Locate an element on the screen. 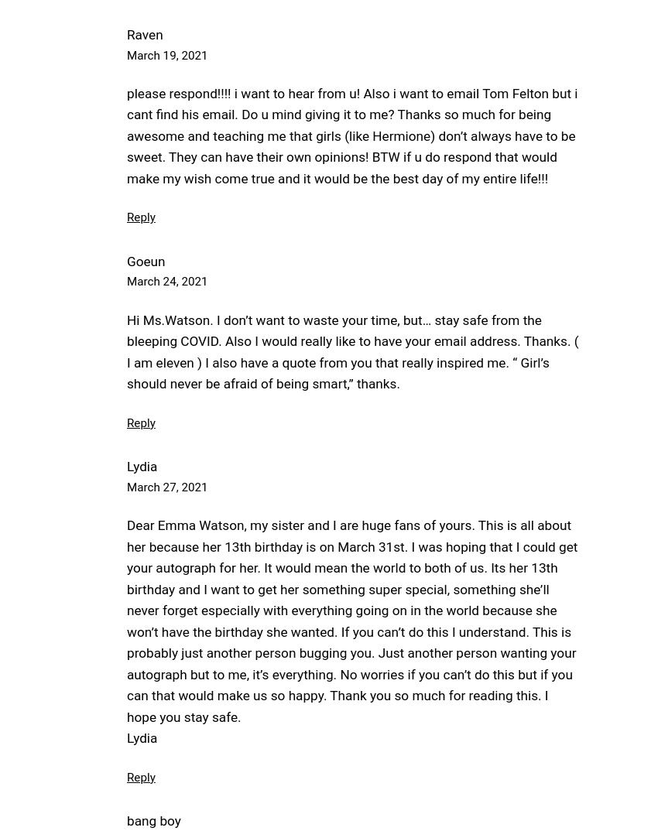 This screenshot has width=658, height=831. 'March 24, 2021' is located at coordinates (166, 280).